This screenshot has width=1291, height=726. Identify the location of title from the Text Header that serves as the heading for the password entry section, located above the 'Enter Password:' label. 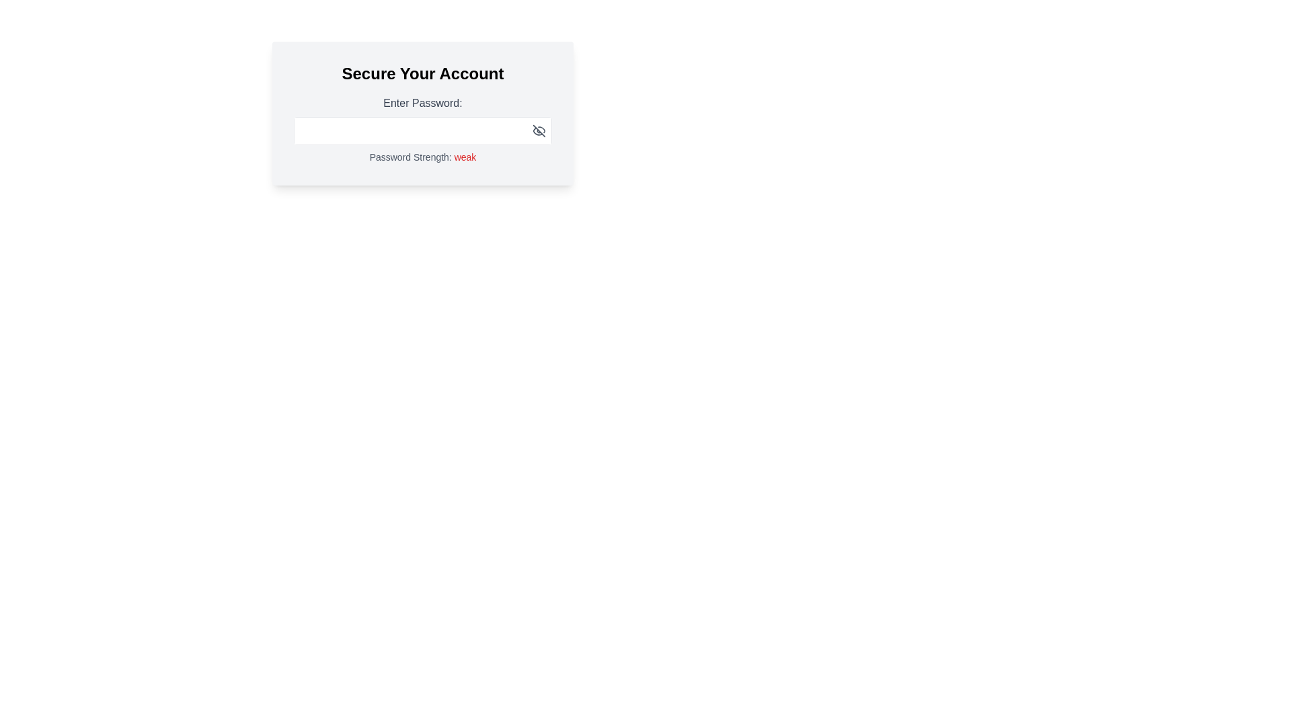
(422, 74).